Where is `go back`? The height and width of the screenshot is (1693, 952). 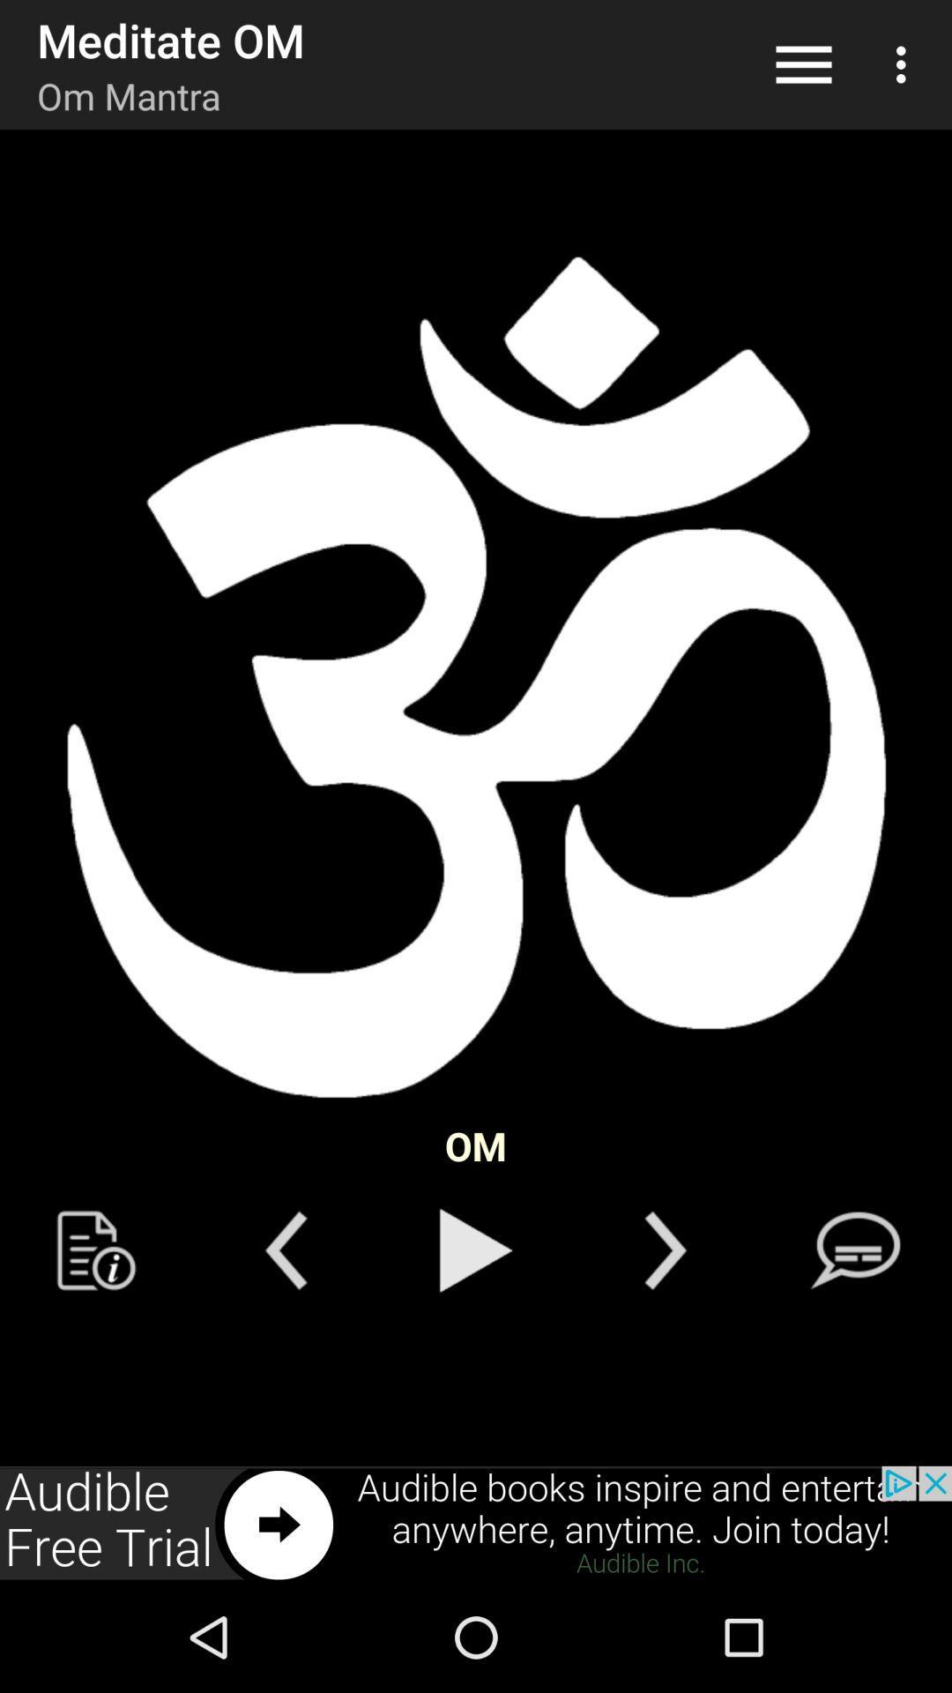 go back is located at coordinates (285, 1249).